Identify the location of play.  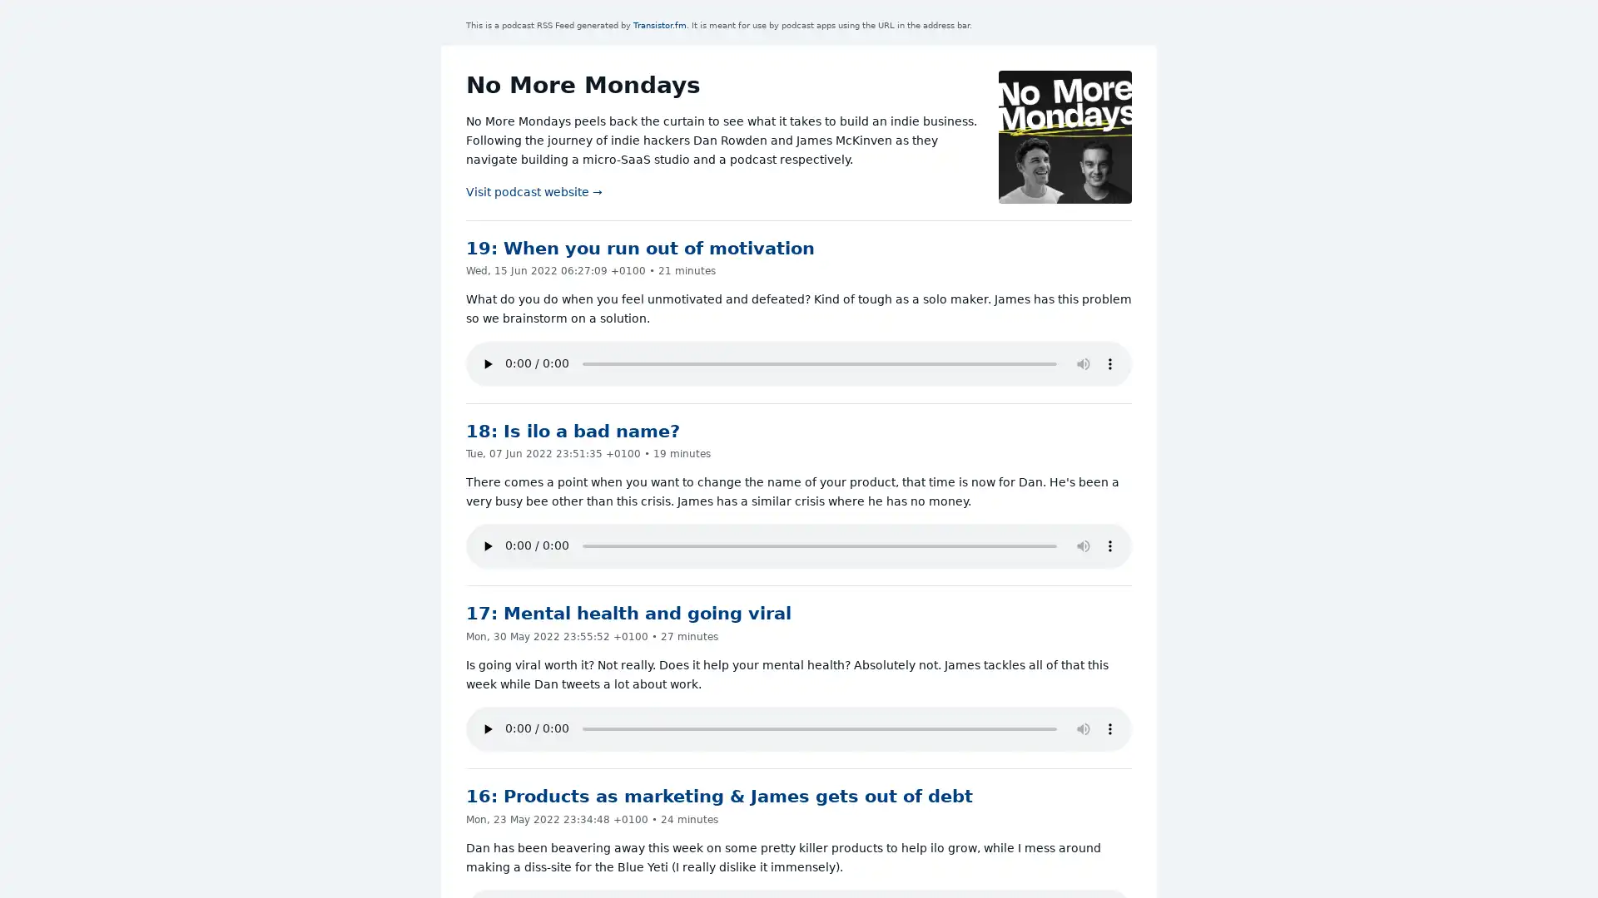
(486, 362).